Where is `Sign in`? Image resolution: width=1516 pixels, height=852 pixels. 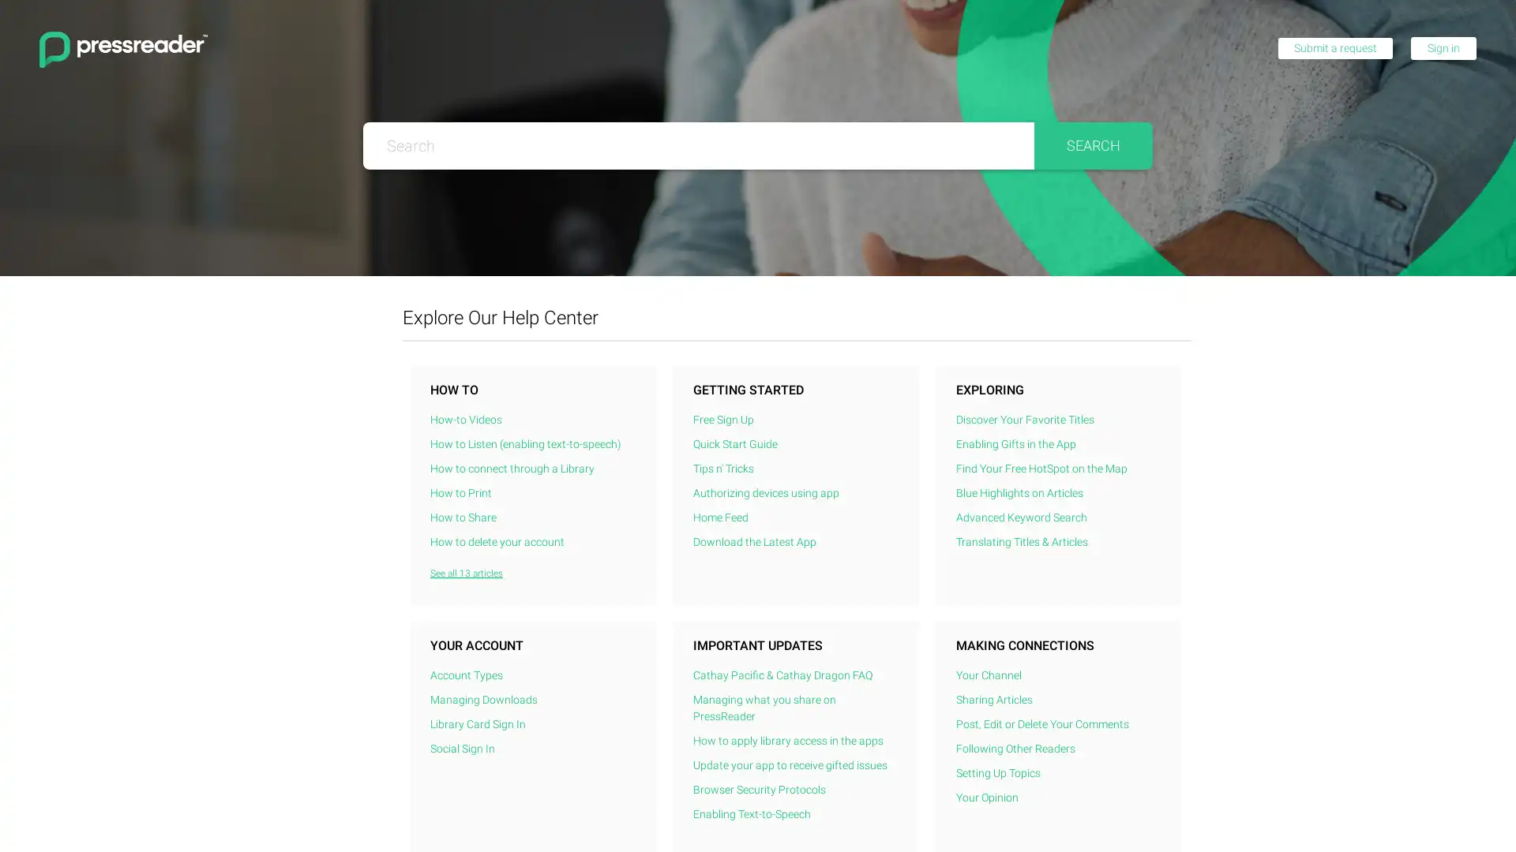 Sign in is located at coordinates (1443, 47).